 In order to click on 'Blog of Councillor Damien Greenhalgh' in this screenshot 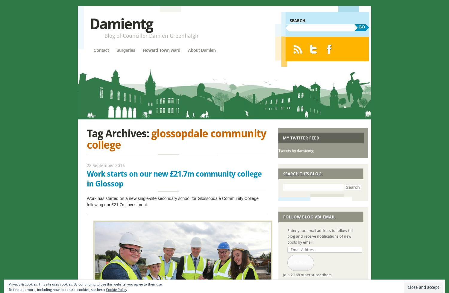, I will do `click(104, 36)`.